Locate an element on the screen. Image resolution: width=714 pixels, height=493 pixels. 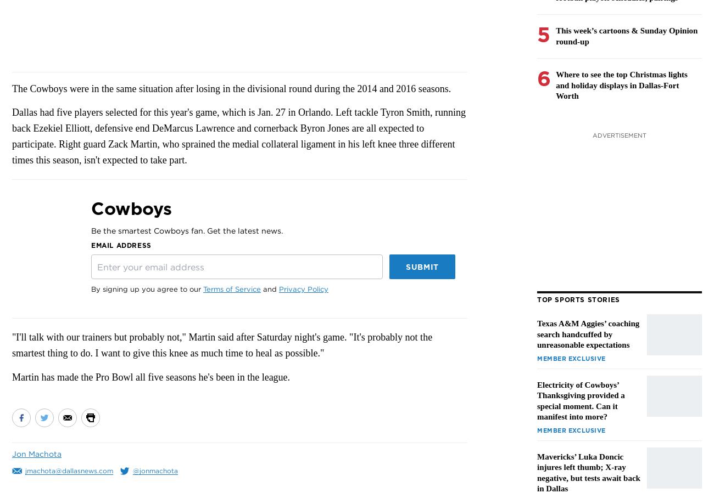
'Be the smartest Cowboys fan. Get the latest news.' is located at coordinates (91, 230).